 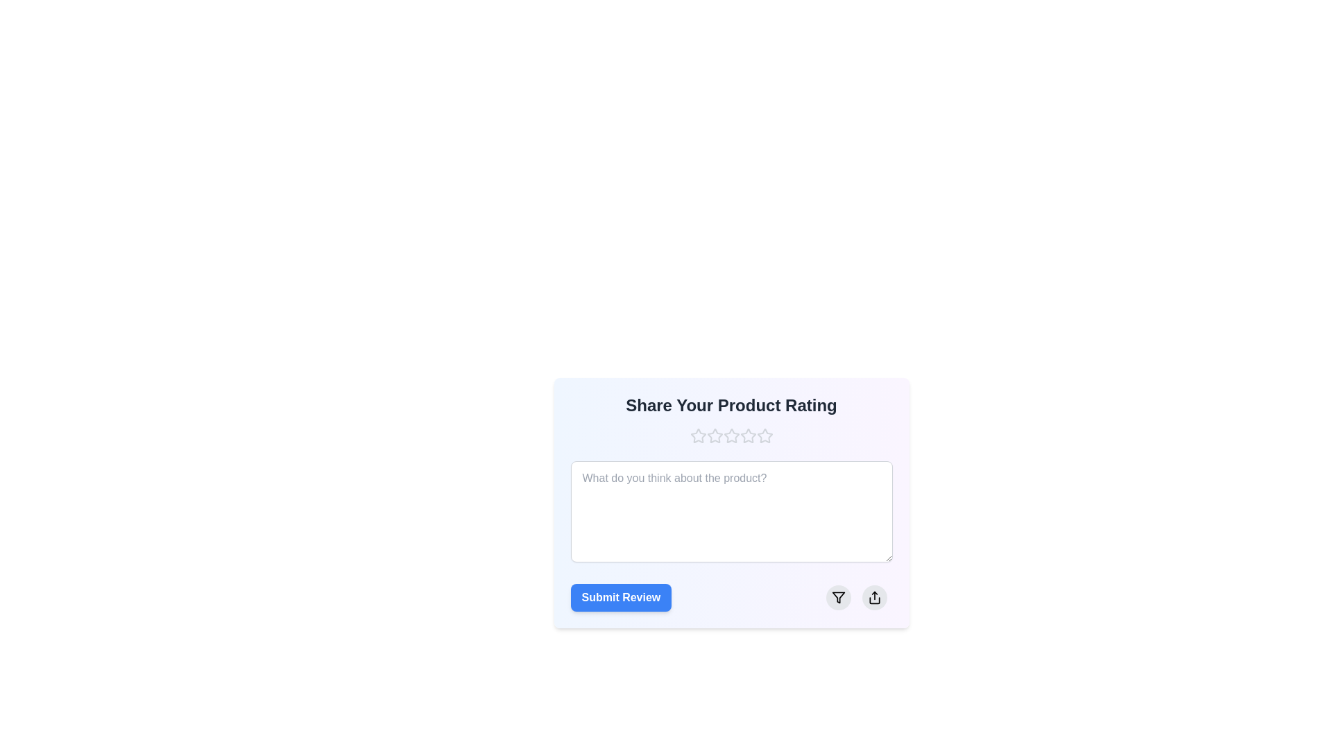 I want to click on the third star icon in the rating system, so click(x=764, y=435).